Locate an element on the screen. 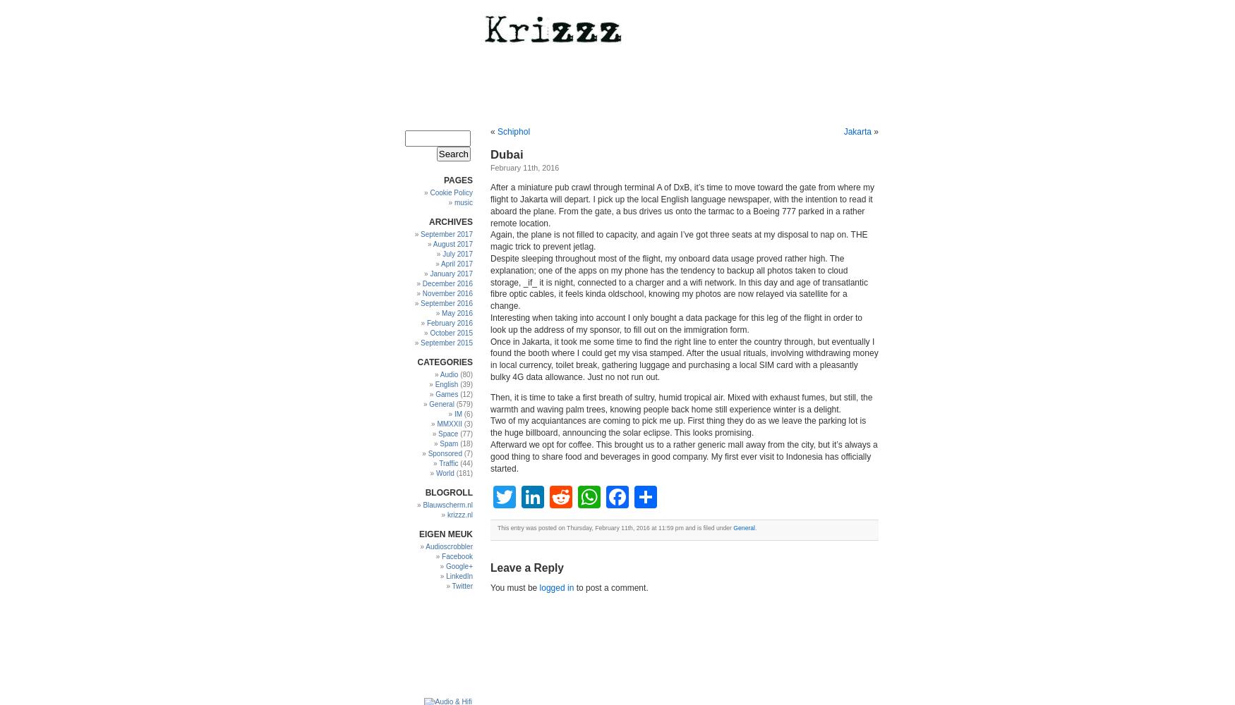  'September 2015' is located at coordinates (445, 342).